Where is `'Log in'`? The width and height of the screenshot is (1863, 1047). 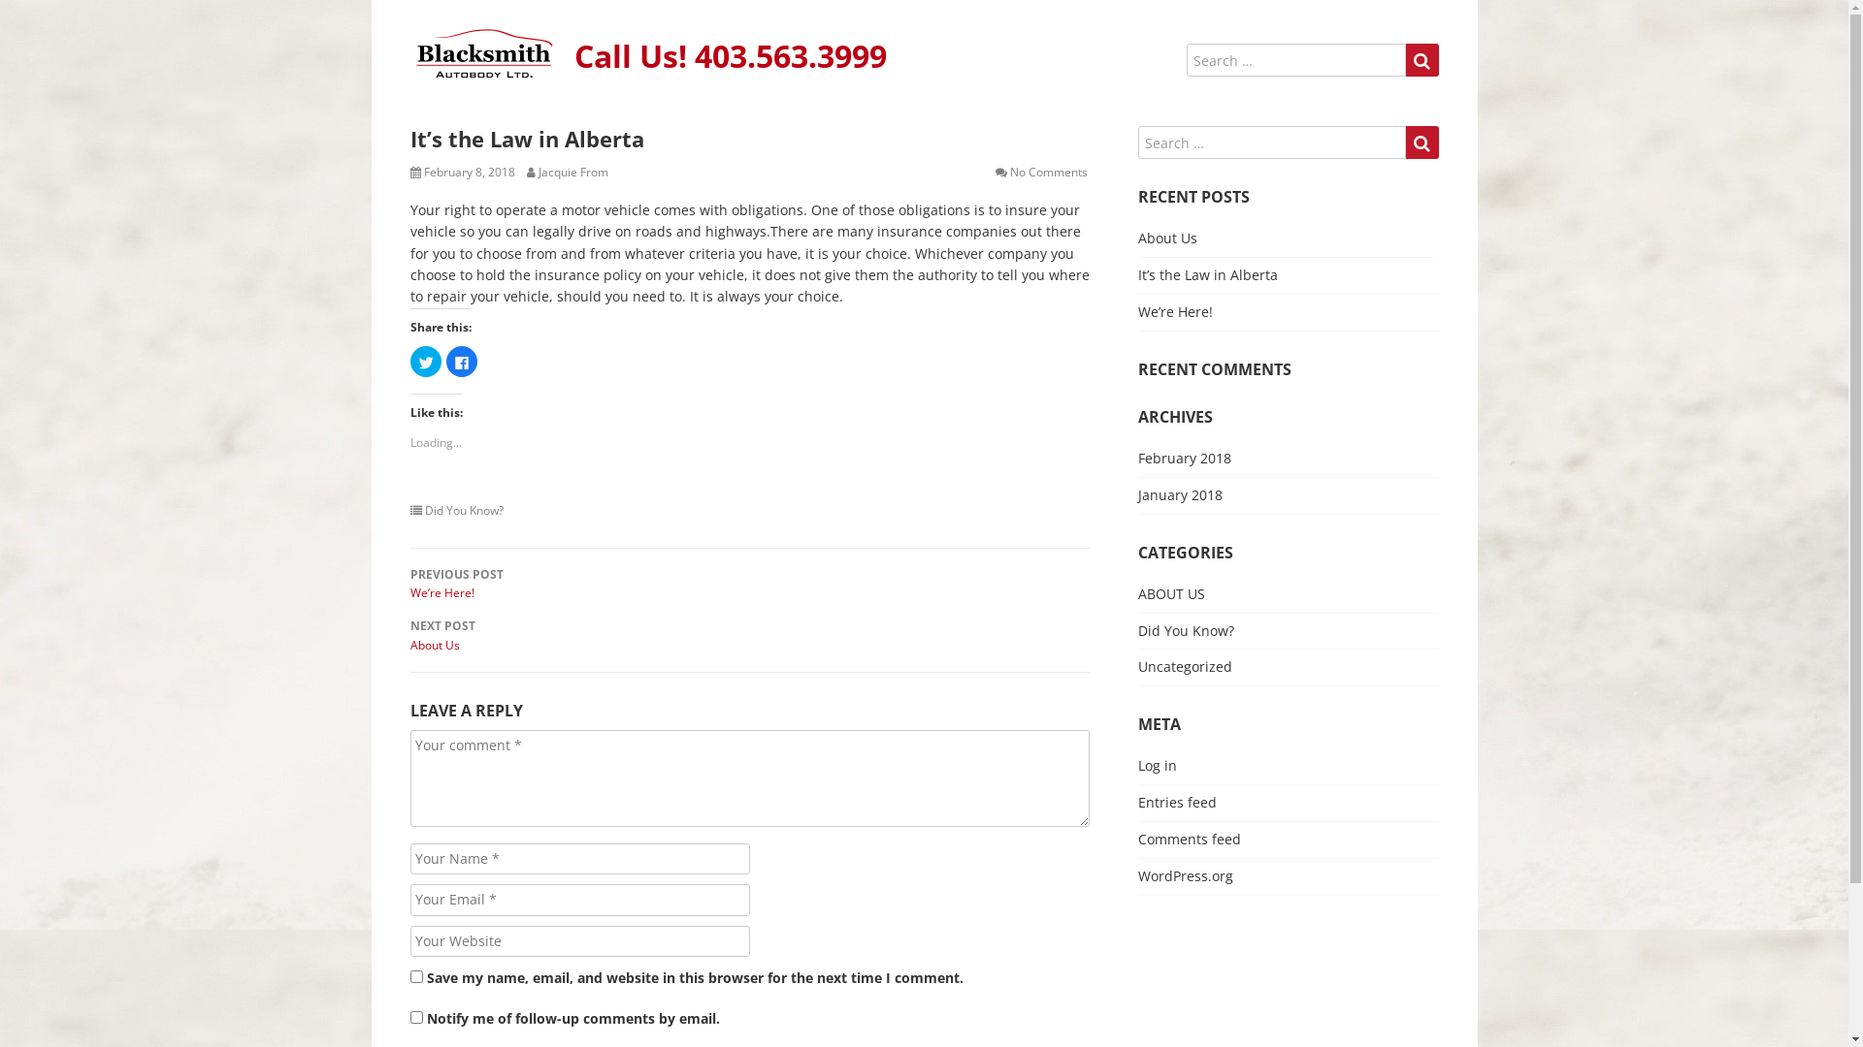 'Log in' is located at coordinates (1136, 764).